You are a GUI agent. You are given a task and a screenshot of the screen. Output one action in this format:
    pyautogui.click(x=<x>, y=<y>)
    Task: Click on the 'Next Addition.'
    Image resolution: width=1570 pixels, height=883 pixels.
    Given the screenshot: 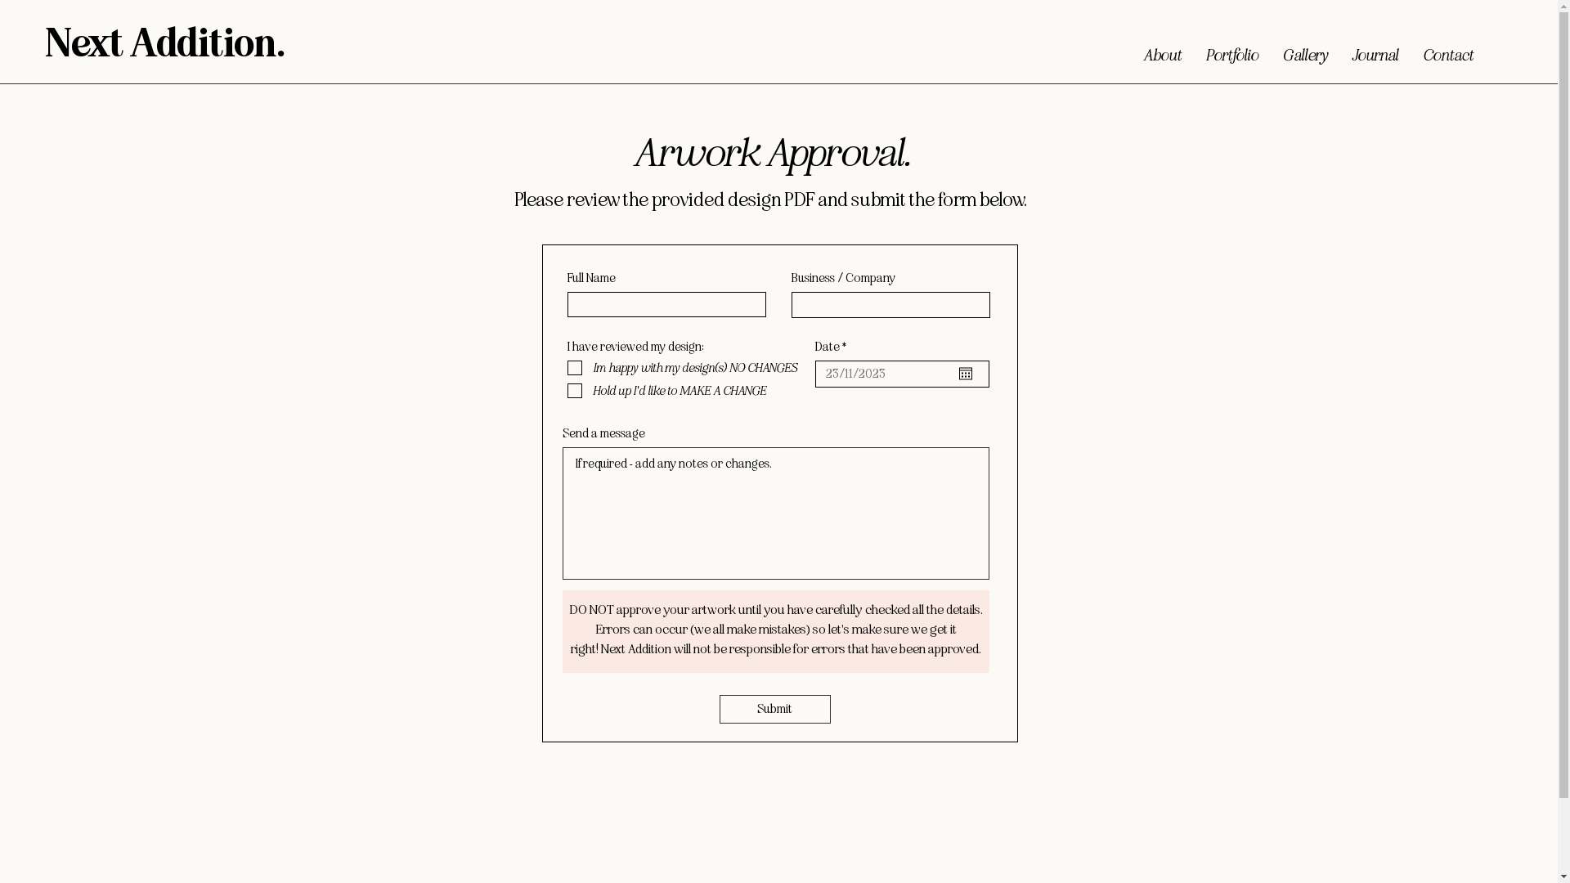 What is the action you would take?
    pyautogui.click(x=46, y=43)
    